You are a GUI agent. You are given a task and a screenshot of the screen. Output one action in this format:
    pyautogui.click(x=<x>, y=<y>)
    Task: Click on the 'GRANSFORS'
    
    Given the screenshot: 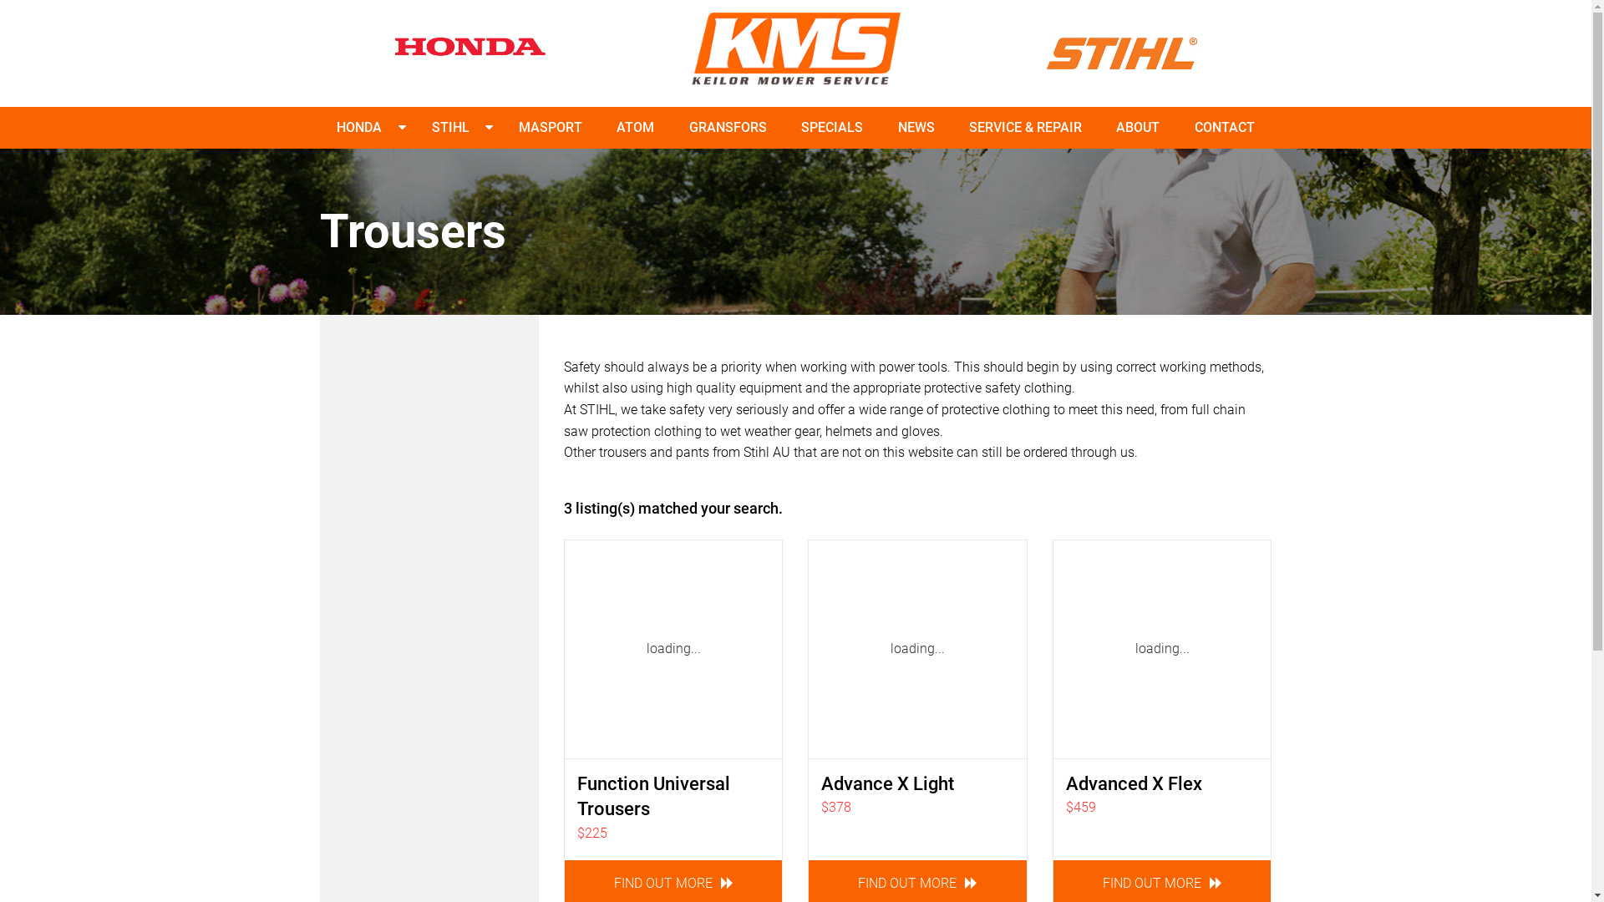 What is the action you would take?
    pyautogui.click(x=728, y=127)
    